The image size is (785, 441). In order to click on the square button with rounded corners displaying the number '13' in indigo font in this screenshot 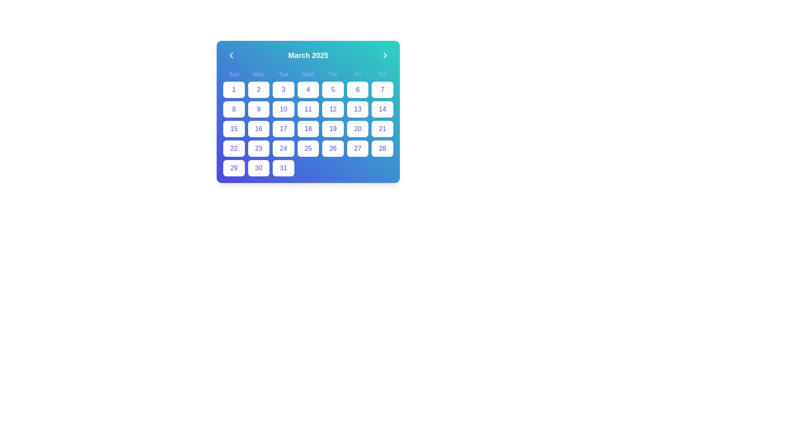, I will do `click(358, 109)`.